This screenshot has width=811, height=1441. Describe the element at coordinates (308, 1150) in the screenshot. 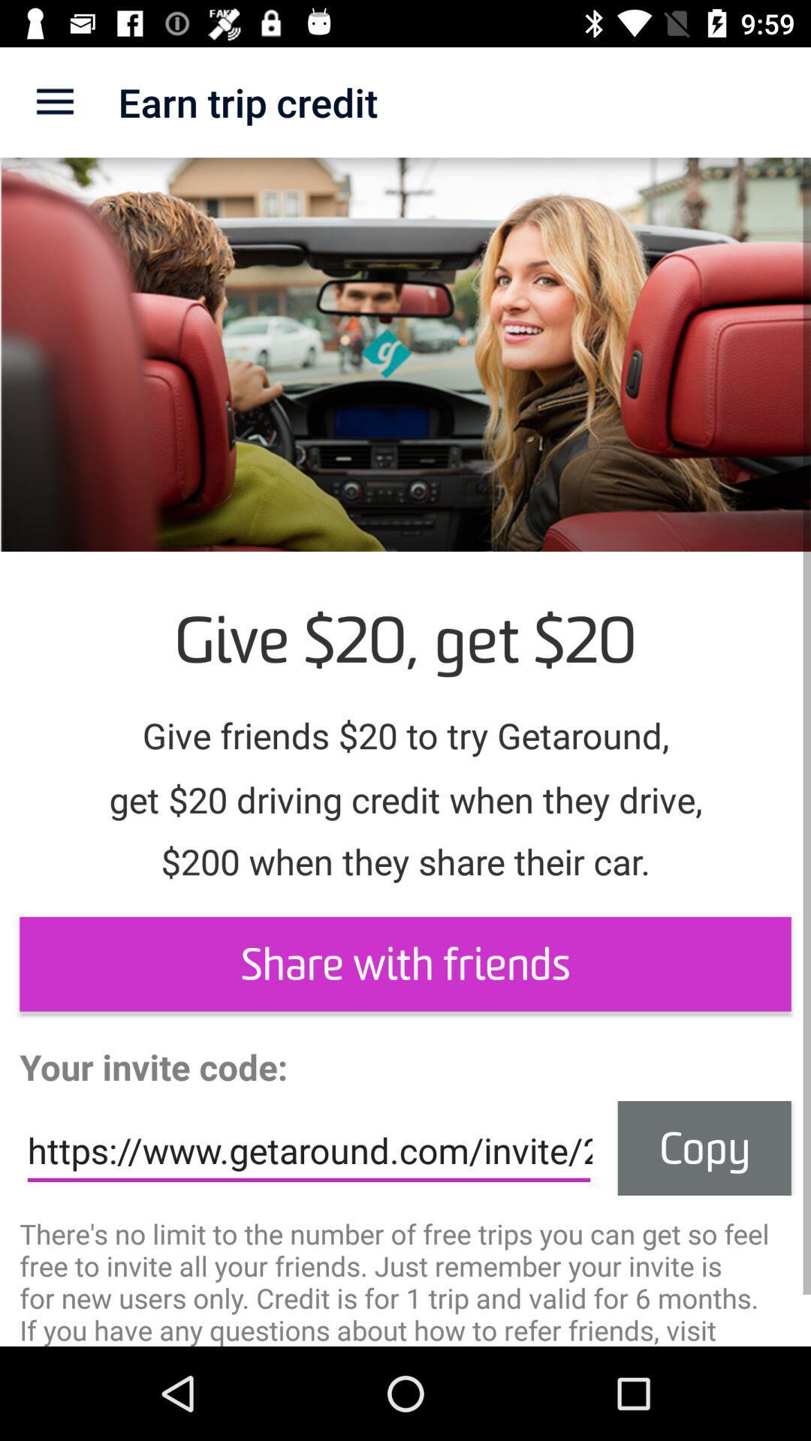

I see `the https www getaround` at that location.